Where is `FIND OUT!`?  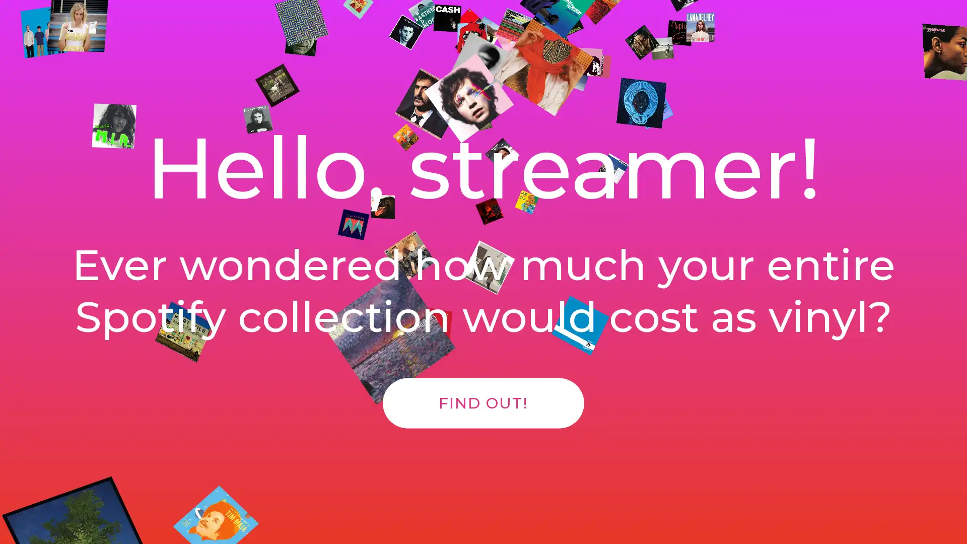
FIND OUT! is located at coordinates (483, 414).